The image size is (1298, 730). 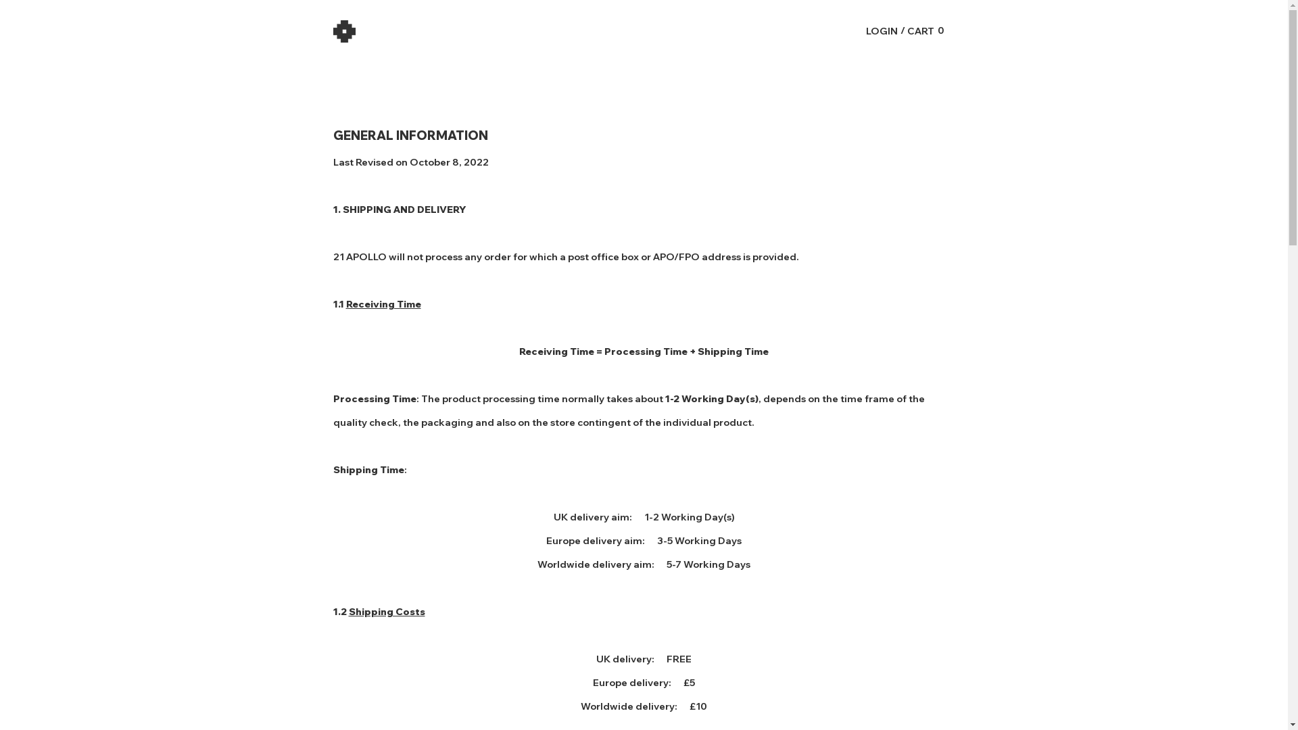 What do you see at coordinates (926, 30) in the screenshot?
I see `'0` at bounding box center [926, 30].